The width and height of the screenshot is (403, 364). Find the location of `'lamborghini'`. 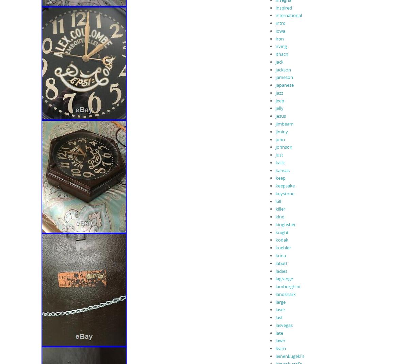

'lamborghini' is located at coordinates (275, 286).